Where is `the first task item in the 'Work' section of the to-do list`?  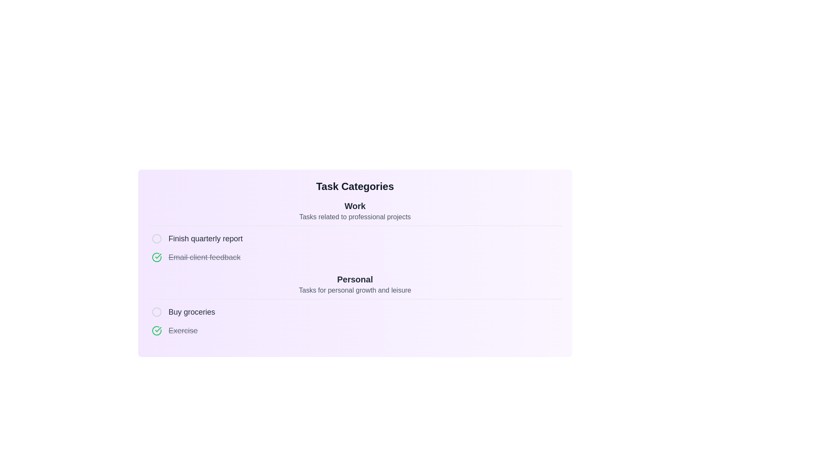
the first task item in the 'Work' section of the to-do list is located at coordinates (197, 239).